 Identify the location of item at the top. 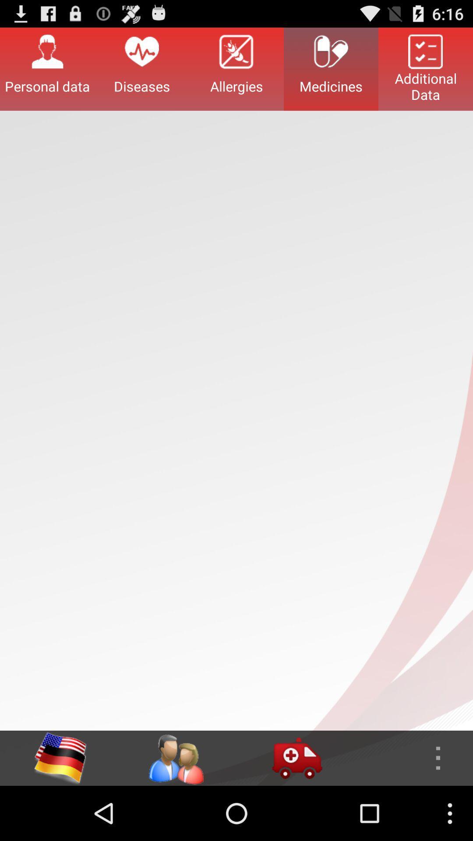
(236, 68).